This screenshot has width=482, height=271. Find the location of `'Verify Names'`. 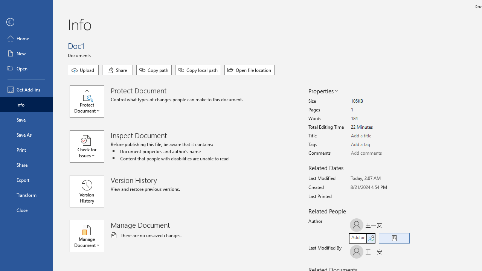

'Verify Names' is located at coordinates (371, 238).